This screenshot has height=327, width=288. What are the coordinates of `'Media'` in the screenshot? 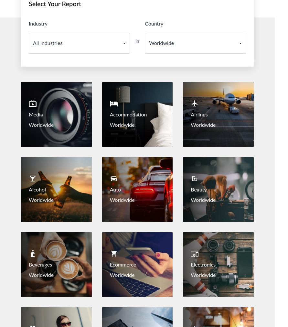 It's located at (35, 114).